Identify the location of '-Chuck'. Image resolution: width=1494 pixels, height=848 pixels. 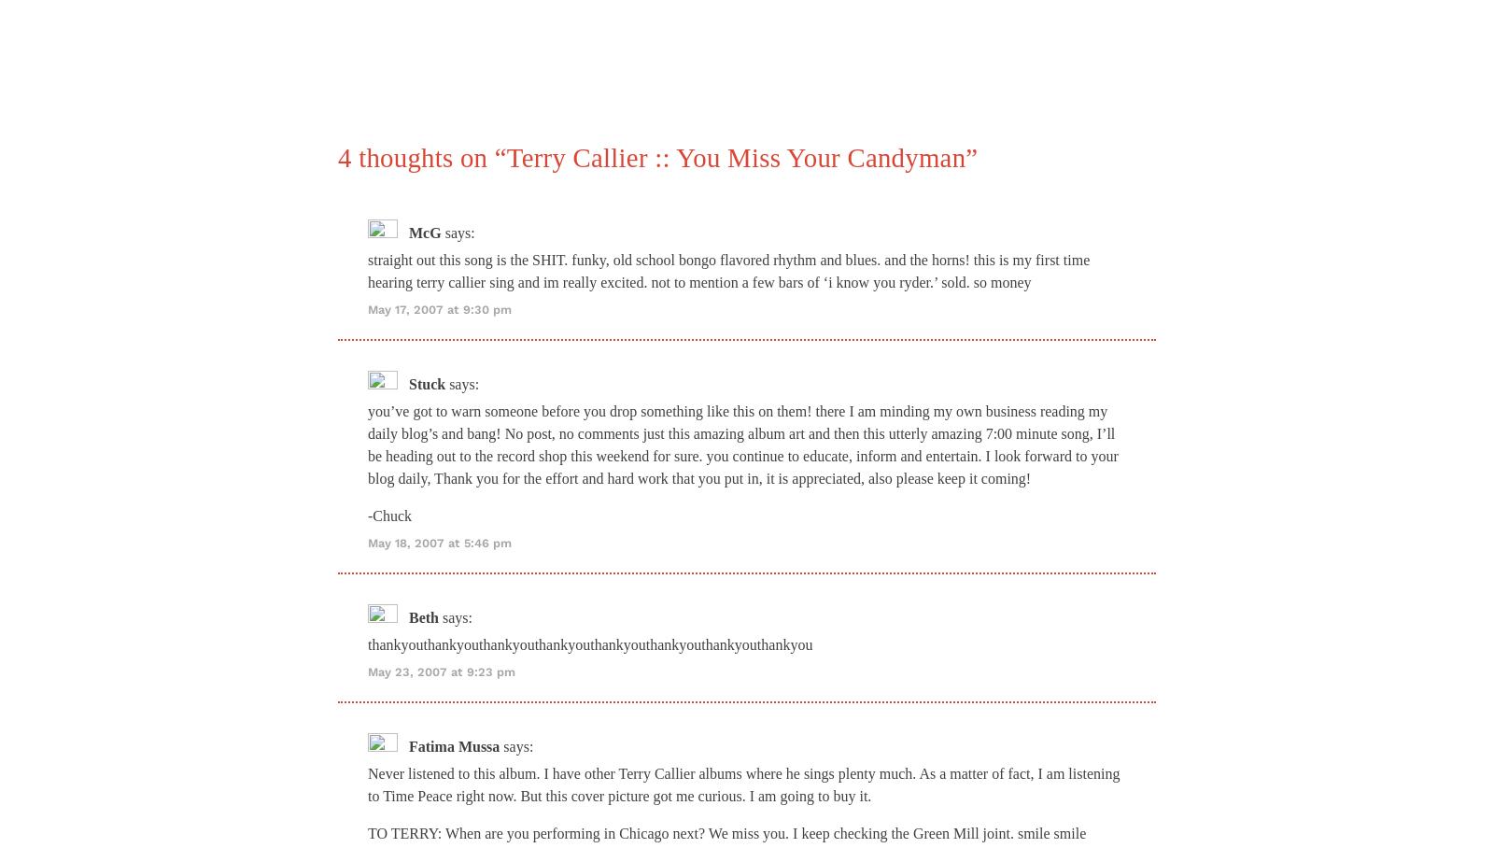
(388, 514).